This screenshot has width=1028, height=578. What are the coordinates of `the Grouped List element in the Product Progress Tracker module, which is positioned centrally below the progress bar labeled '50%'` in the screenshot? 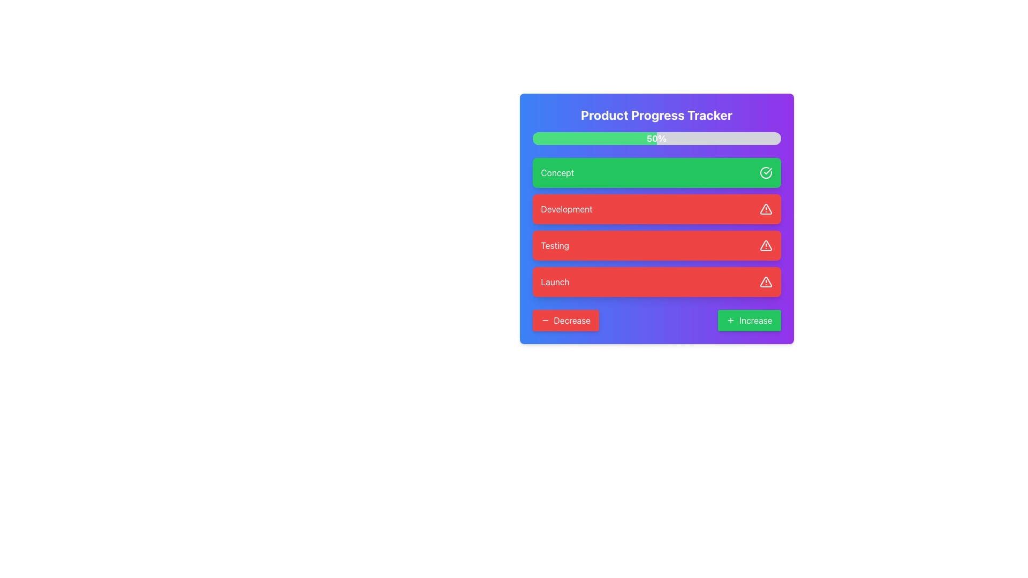 It's located at (656, 226).